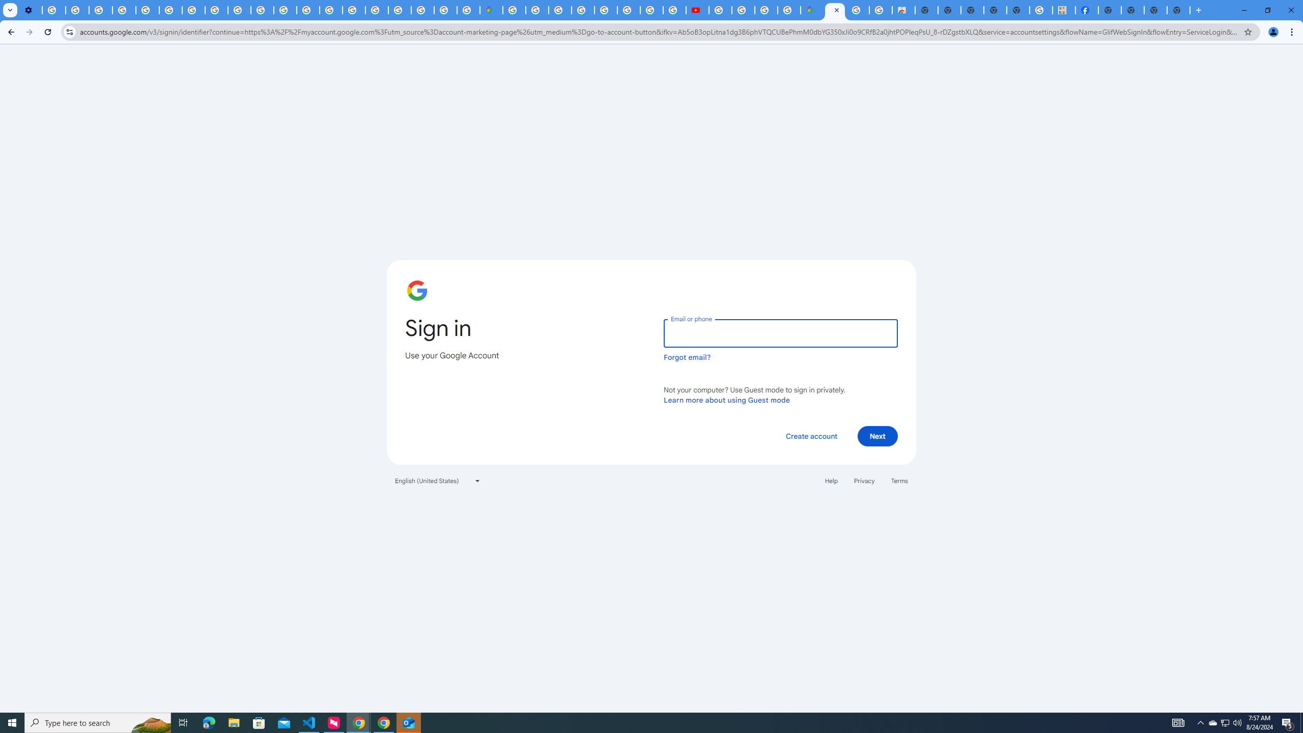  Describe the element at coordinates (1273, 32) in the screenshot. I see `'You'` at that location.